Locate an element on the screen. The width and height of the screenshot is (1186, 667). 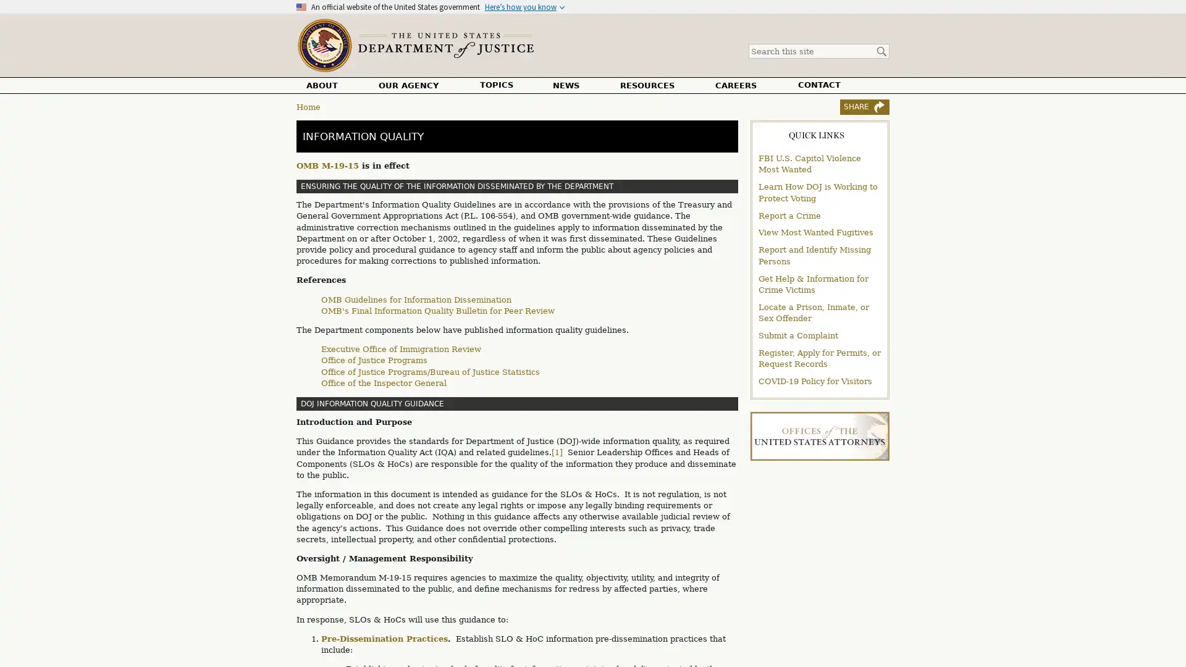
Search is located at coordinates (880, 51).